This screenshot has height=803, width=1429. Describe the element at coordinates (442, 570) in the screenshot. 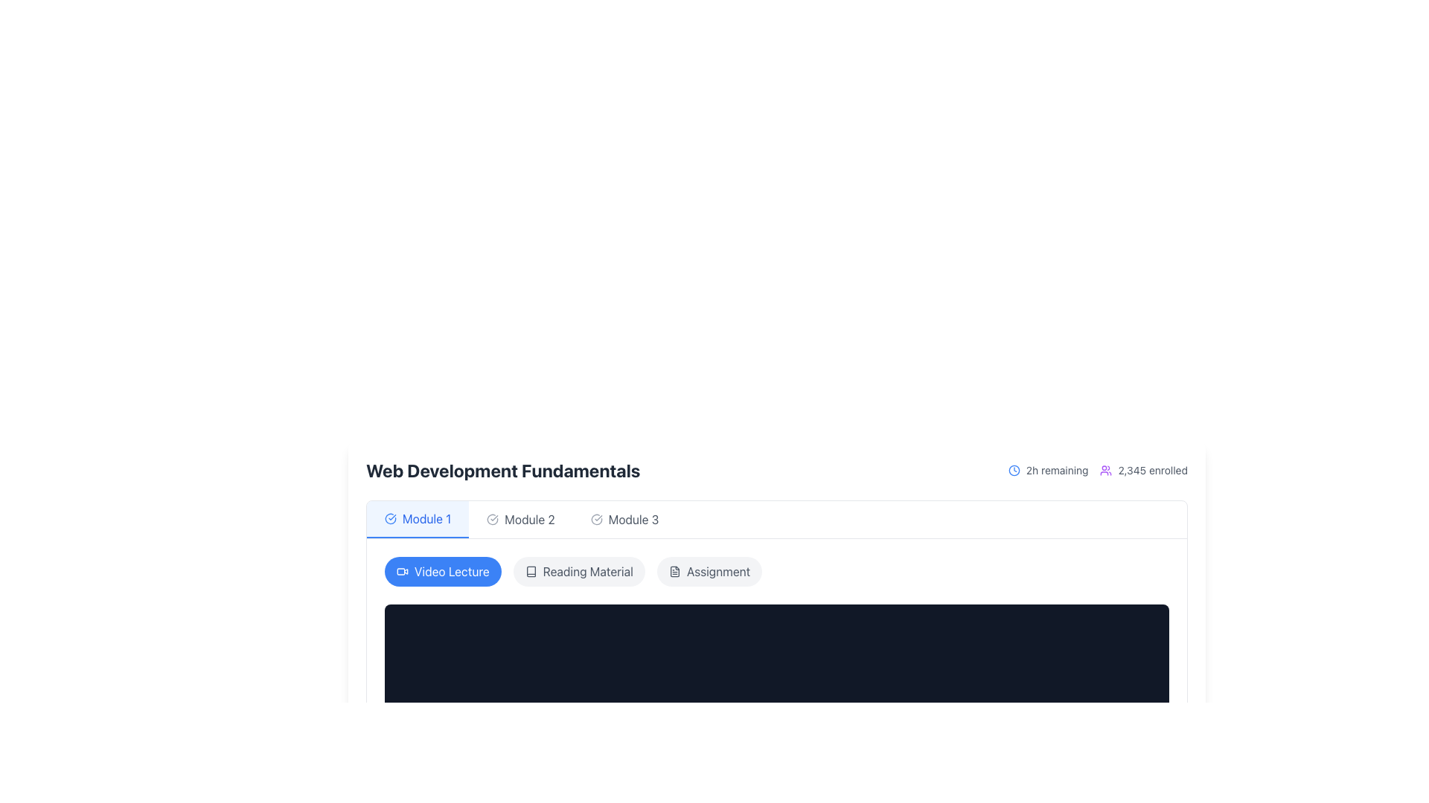

I see `the 'Video Lecture' button, which is the first button in the group of three, featuring a blue background, white text, and a video camera icon` at that location.